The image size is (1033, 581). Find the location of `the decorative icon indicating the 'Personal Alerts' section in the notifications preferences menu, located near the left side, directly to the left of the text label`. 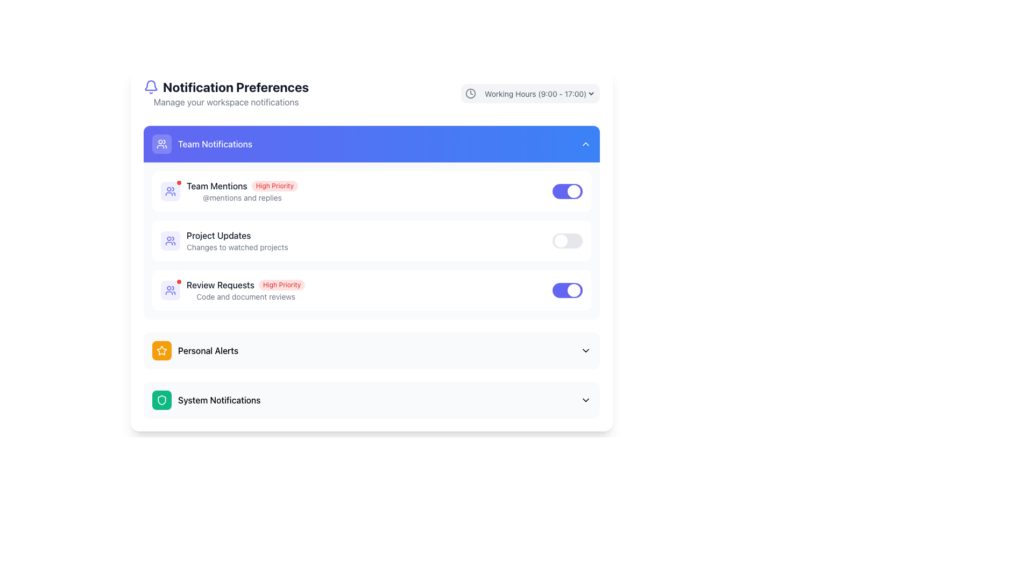

the decorative icon indicating the 'Personal Alerts' section in the notifications preferences menu, located near the left side, directly to the left of the text label is located at coordinates (161, 350).